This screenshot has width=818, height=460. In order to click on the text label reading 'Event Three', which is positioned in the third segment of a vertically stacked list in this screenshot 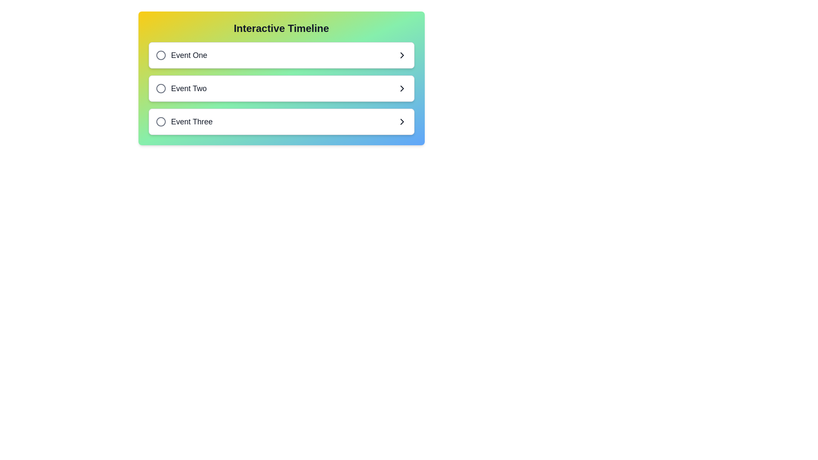, I will do `click(191, 121)`.